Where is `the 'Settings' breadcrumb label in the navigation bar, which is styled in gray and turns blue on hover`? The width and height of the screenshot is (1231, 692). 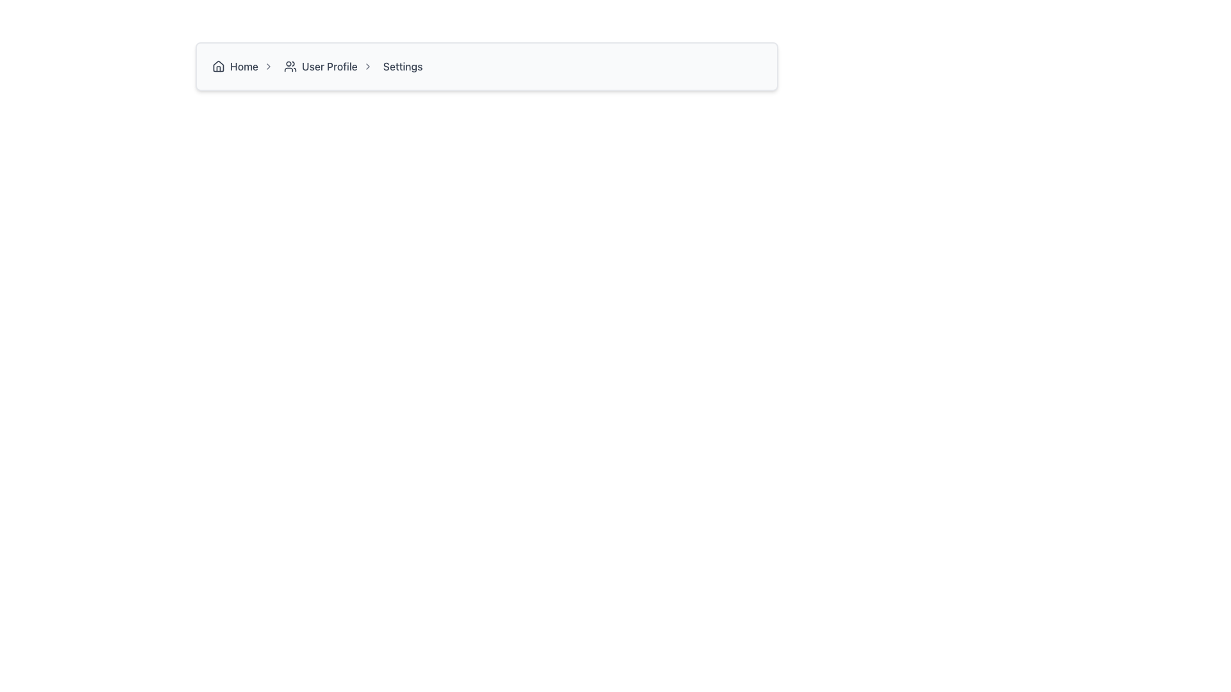 the 'Settings' breadcrumb label in the navigation bar, which is styled in gray and turns blue on hover is located at coordinates (402, 67).